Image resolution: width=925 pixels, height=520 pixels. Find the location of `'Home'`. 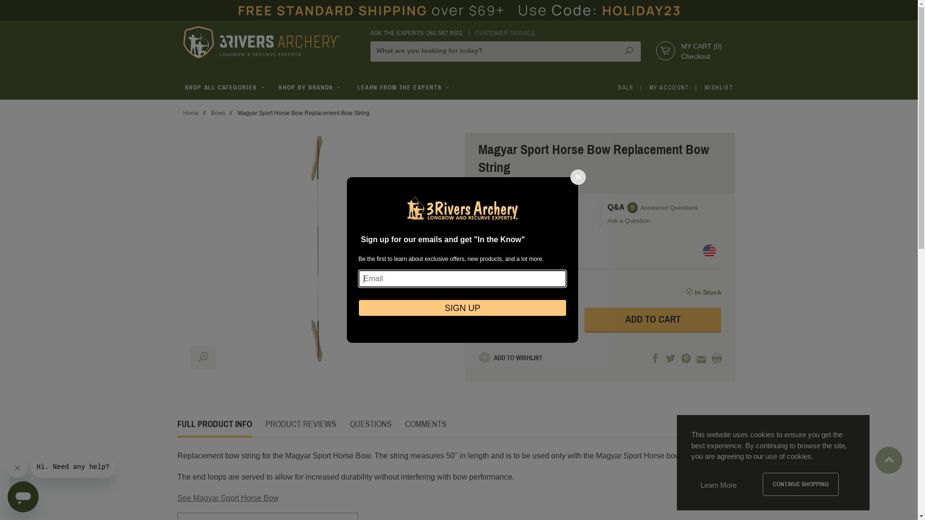

'Home' is located at coordinates (191, 113).